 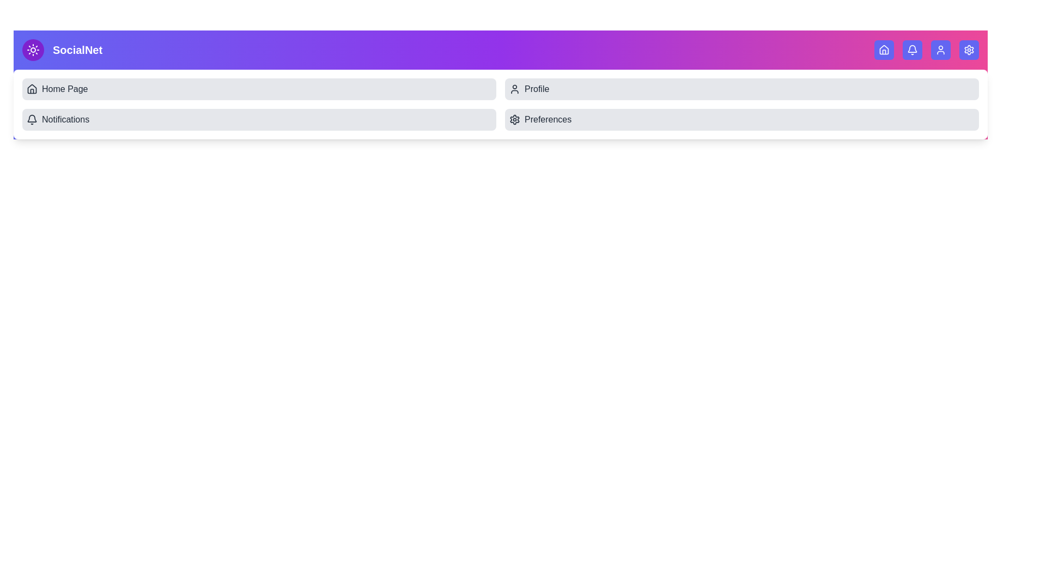 I want to click on the menu item Notifications from the available options, so click(x=258, y=119).